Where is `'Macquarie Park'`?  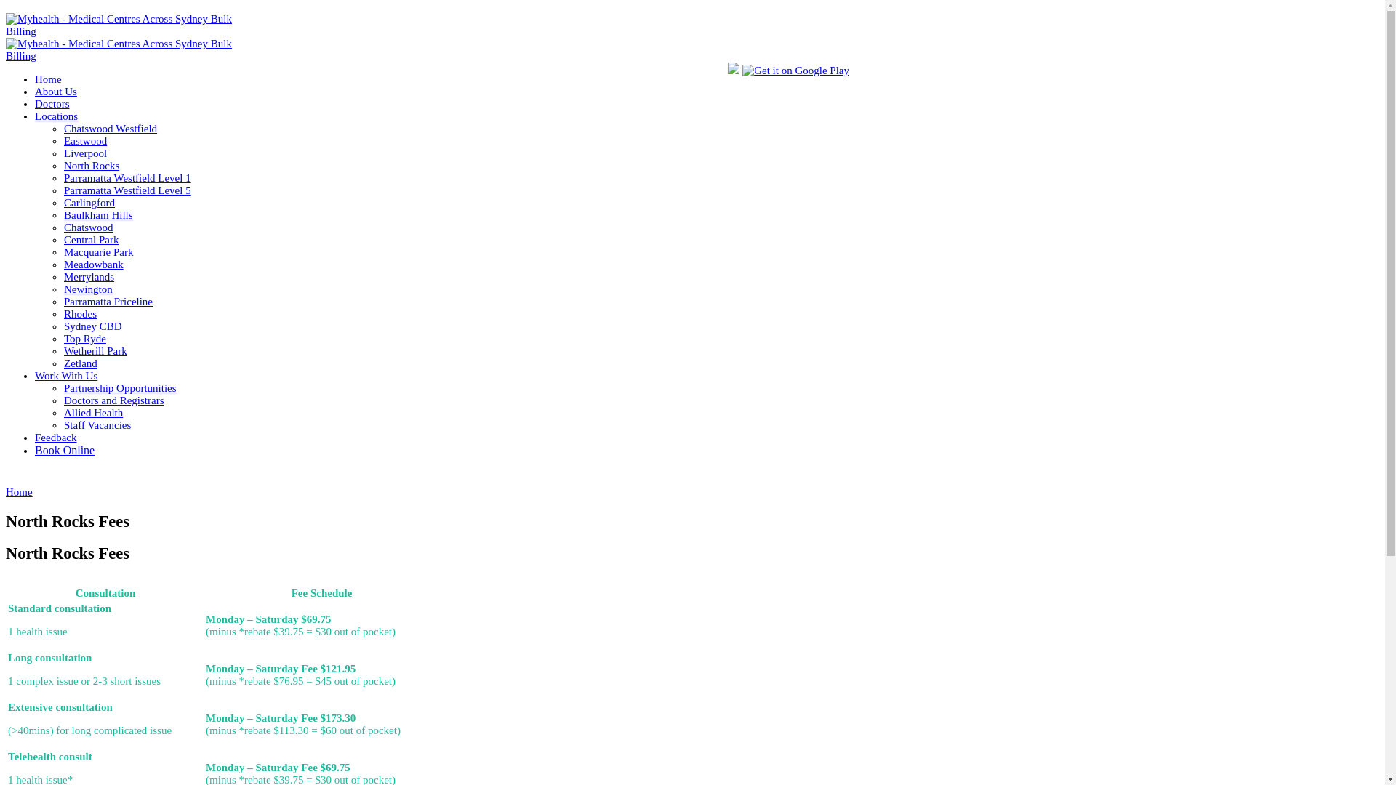 'Macquarie Park' is located at coordinates (97, 251).